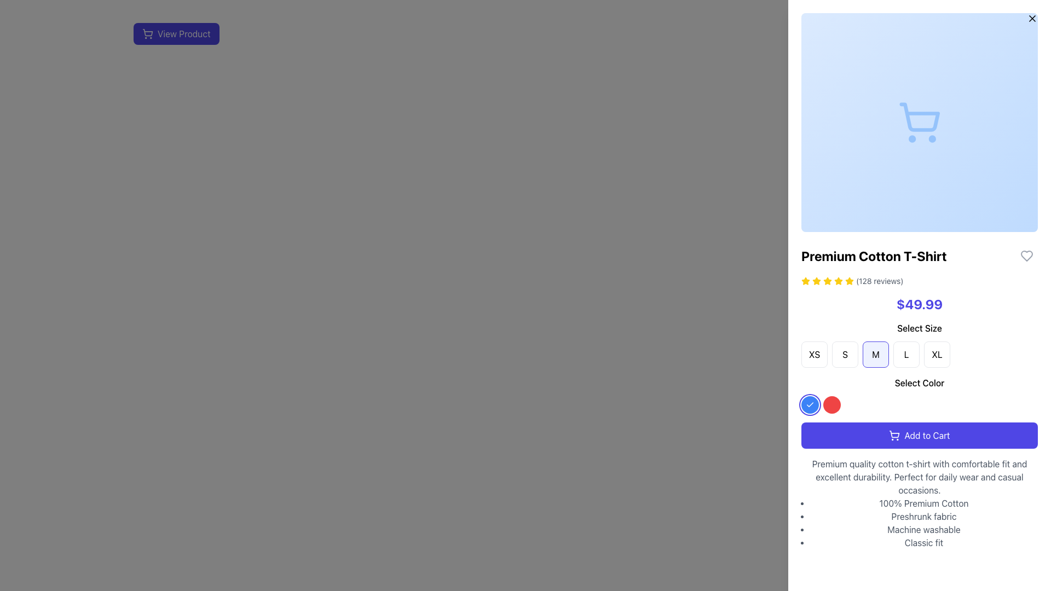 The image size is (1051, 591). What do you see at coordinates (906, 355) in the screenshot?
I see `the square button with rounded corners that has a white background and features the capital letter 'L' in black` at bounding box center [906, 355].